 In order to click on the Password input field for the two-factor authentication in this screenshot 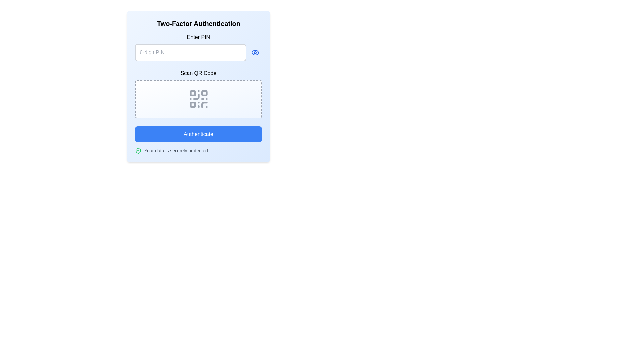, I will do `click(198, 47)`.